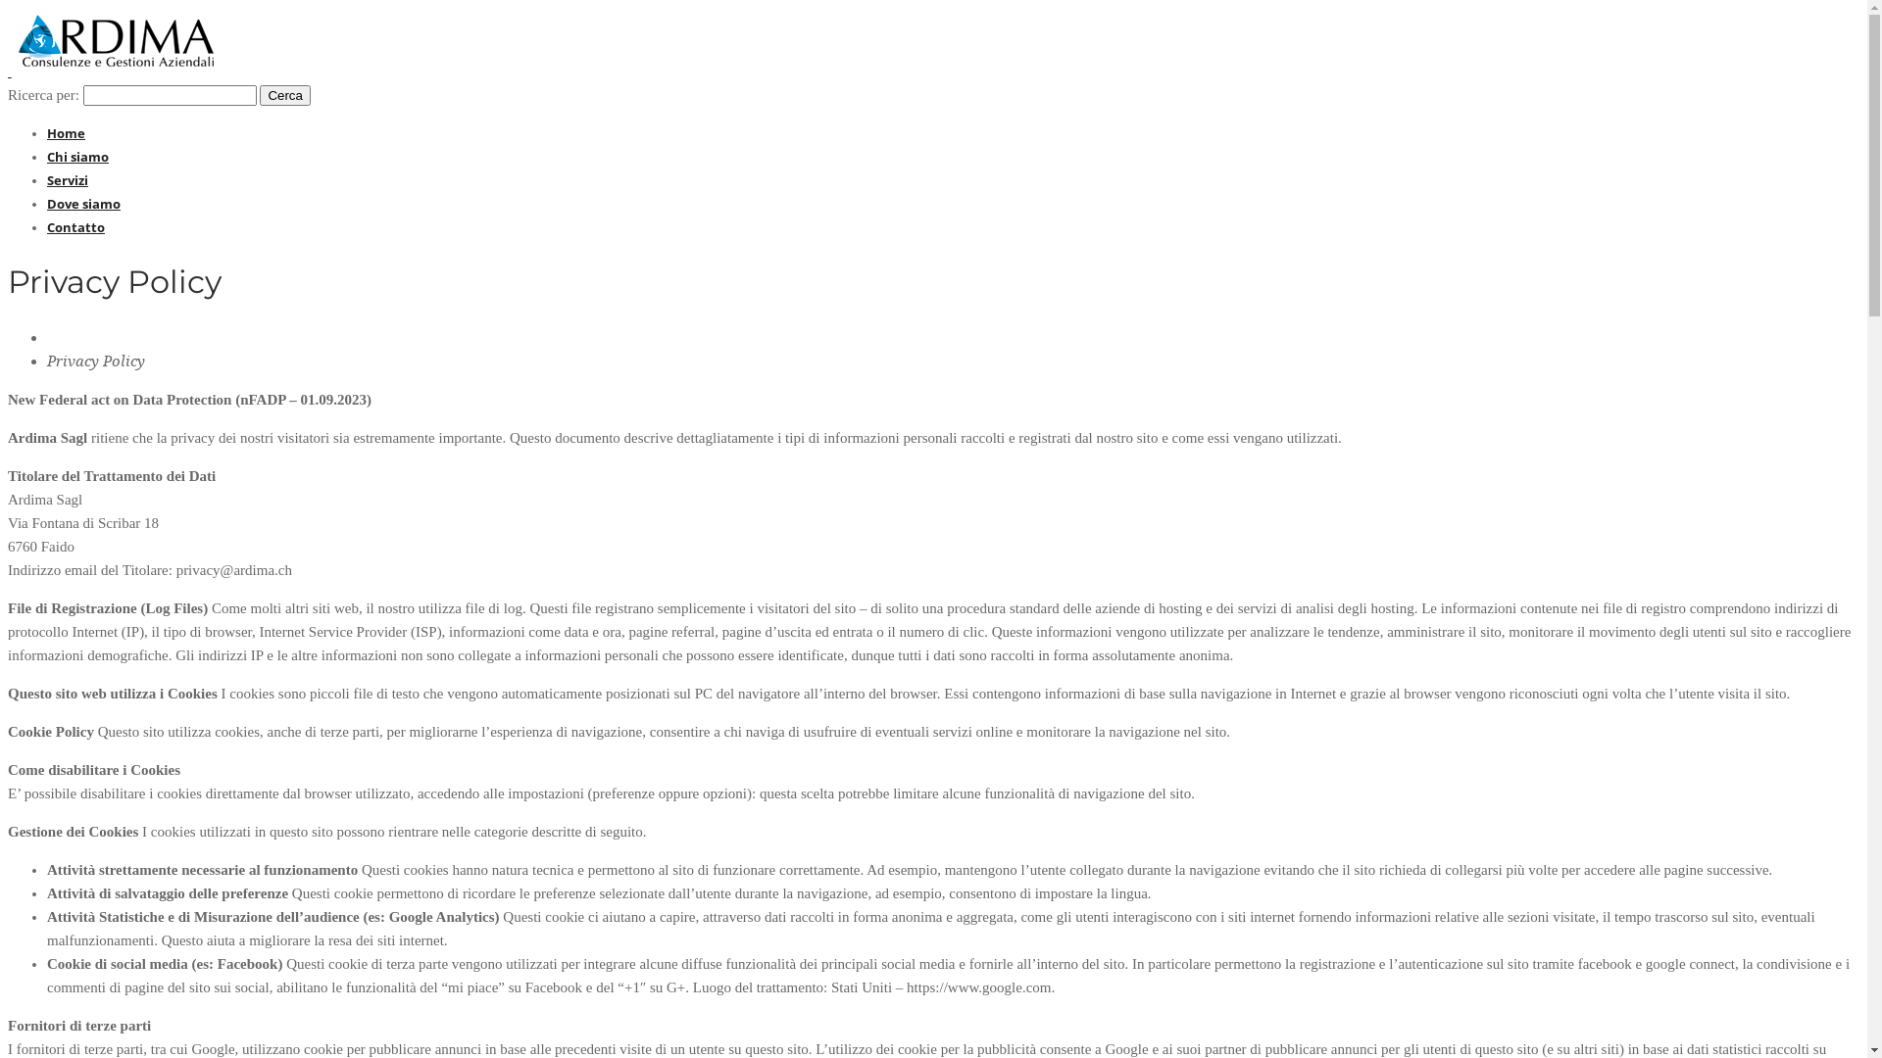 This screenshot has width=1882, height=1058. Describe the element at coordinates (284, 95) in the screenshot. I see `'Cerca'` at that location.